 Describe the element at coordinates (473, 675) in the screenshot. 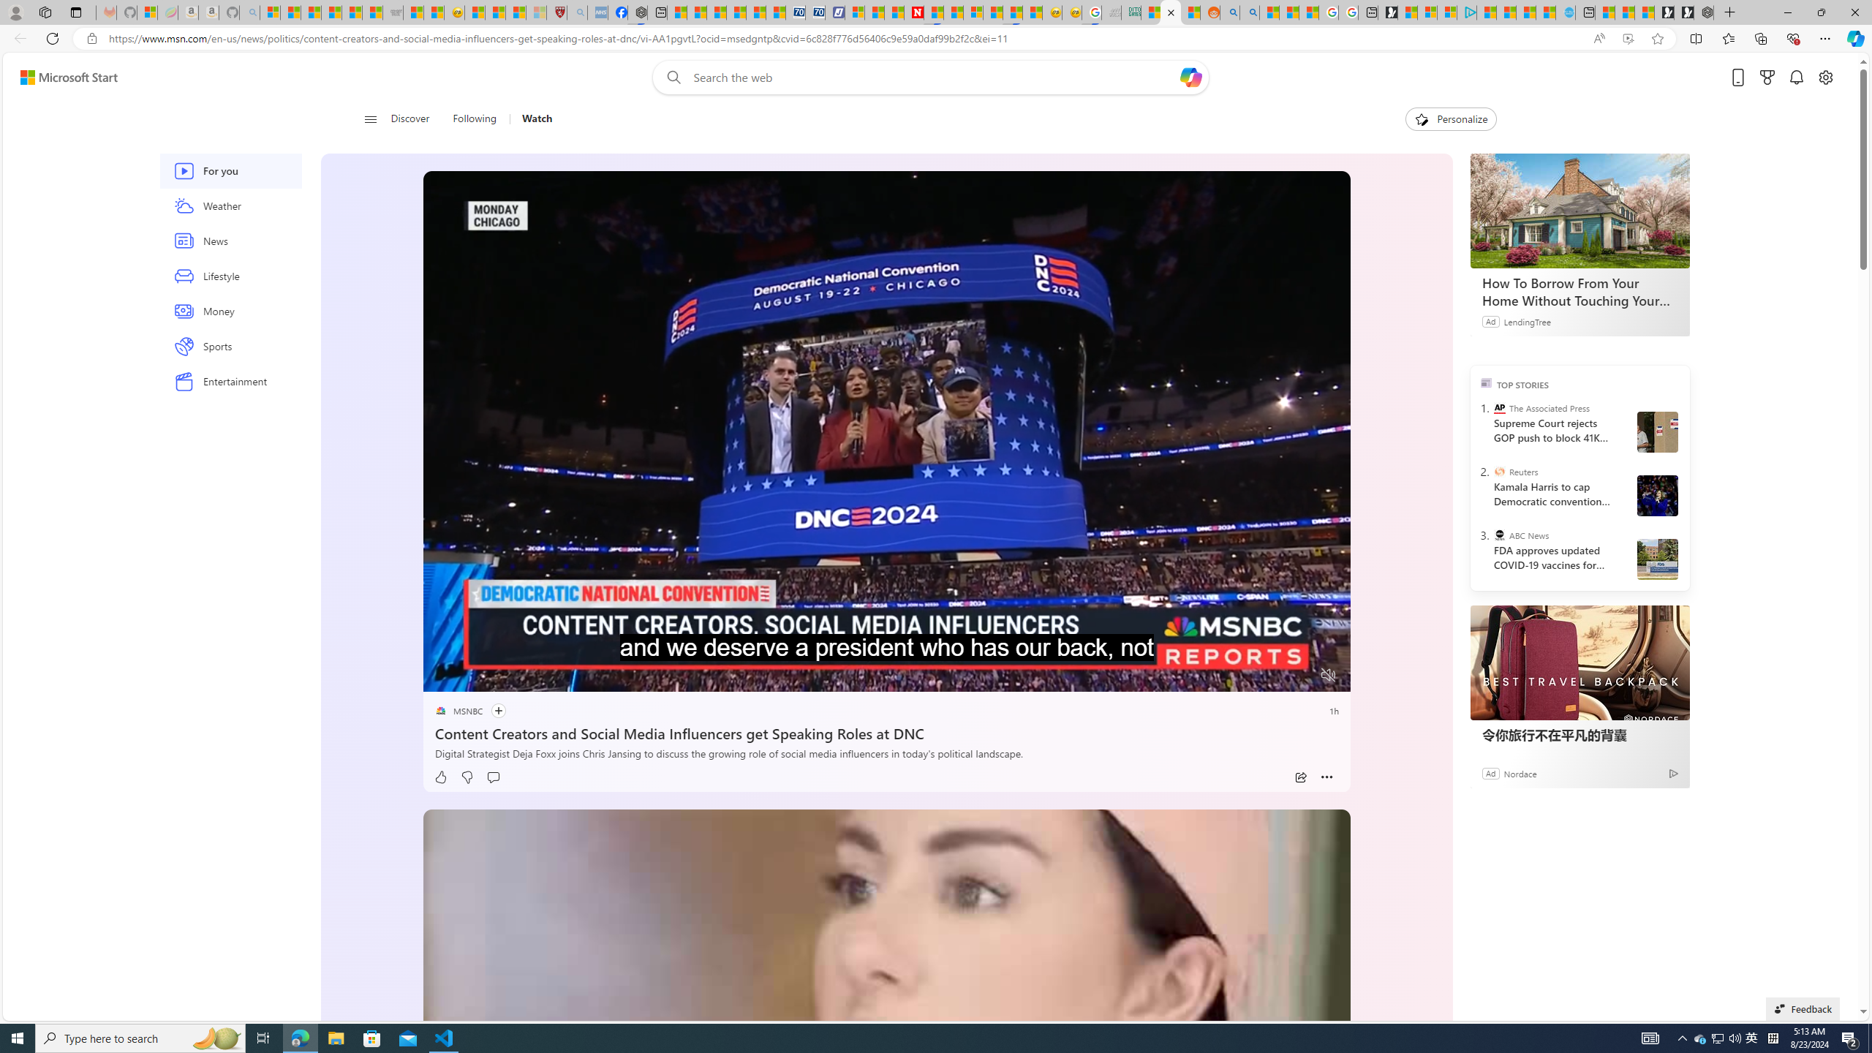

I see `'Seek Back'` at that location.